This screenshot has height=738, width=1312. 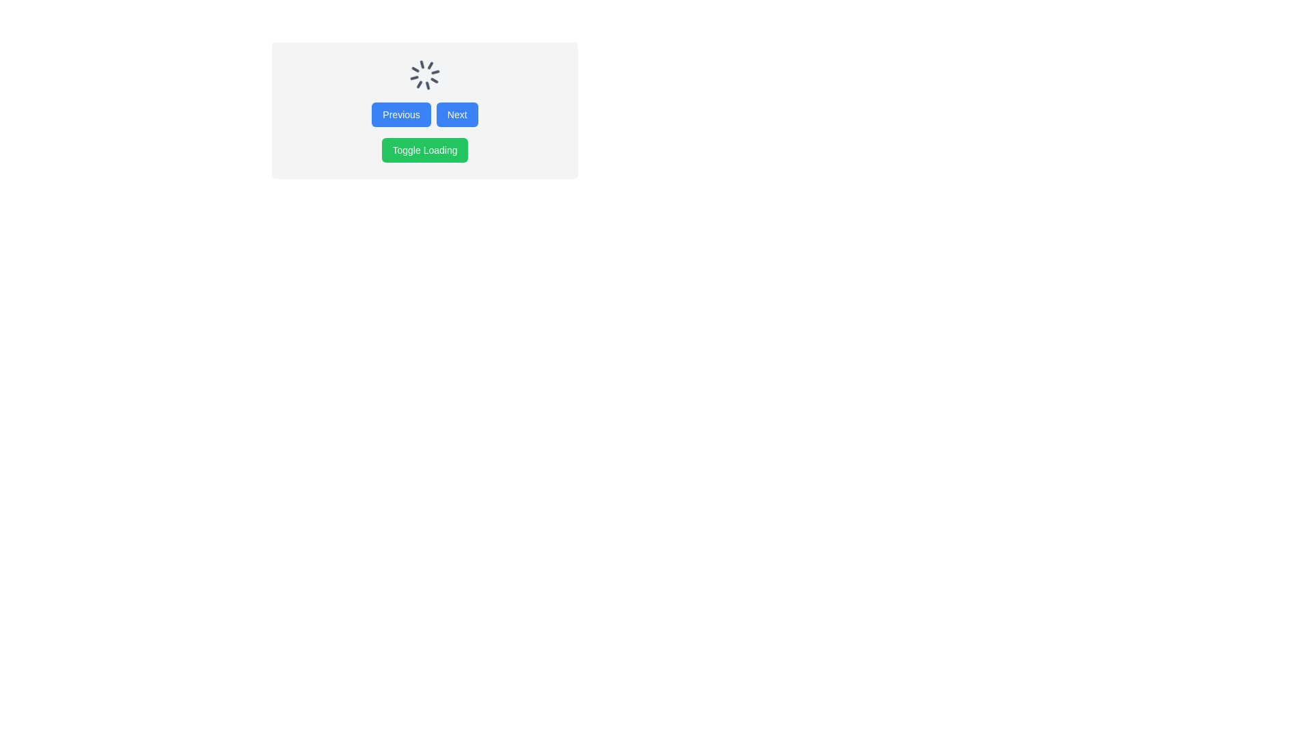 I want to click on the spinner animation, which is a circular shape made of gray lines, centered at the top of a light gray rectangular background, so click(x=424, y=75).